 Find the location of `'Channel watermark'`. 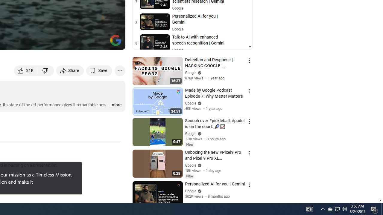

'Channel watermark' is located at coordinates (115, 40).